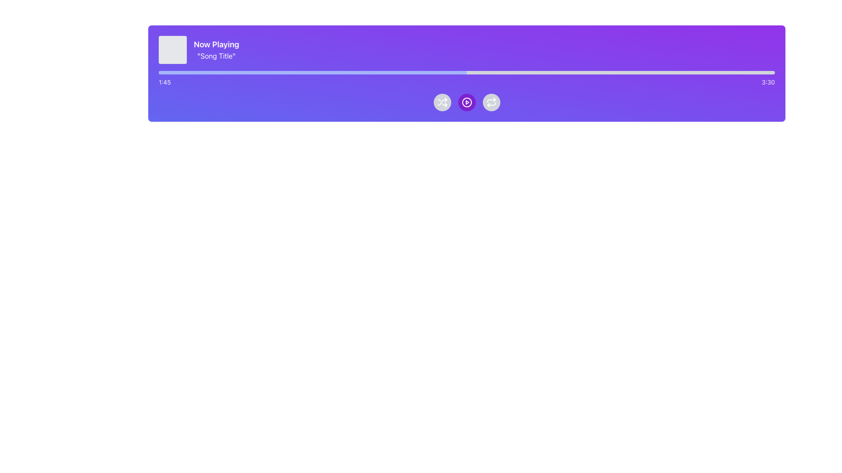  What do you see at coordinates (466, 72) in the screenshot?
I see `the progress bar located at the top-center of the player interface, directly below the 'Now Playing' information` at bounding box center [466, 72].